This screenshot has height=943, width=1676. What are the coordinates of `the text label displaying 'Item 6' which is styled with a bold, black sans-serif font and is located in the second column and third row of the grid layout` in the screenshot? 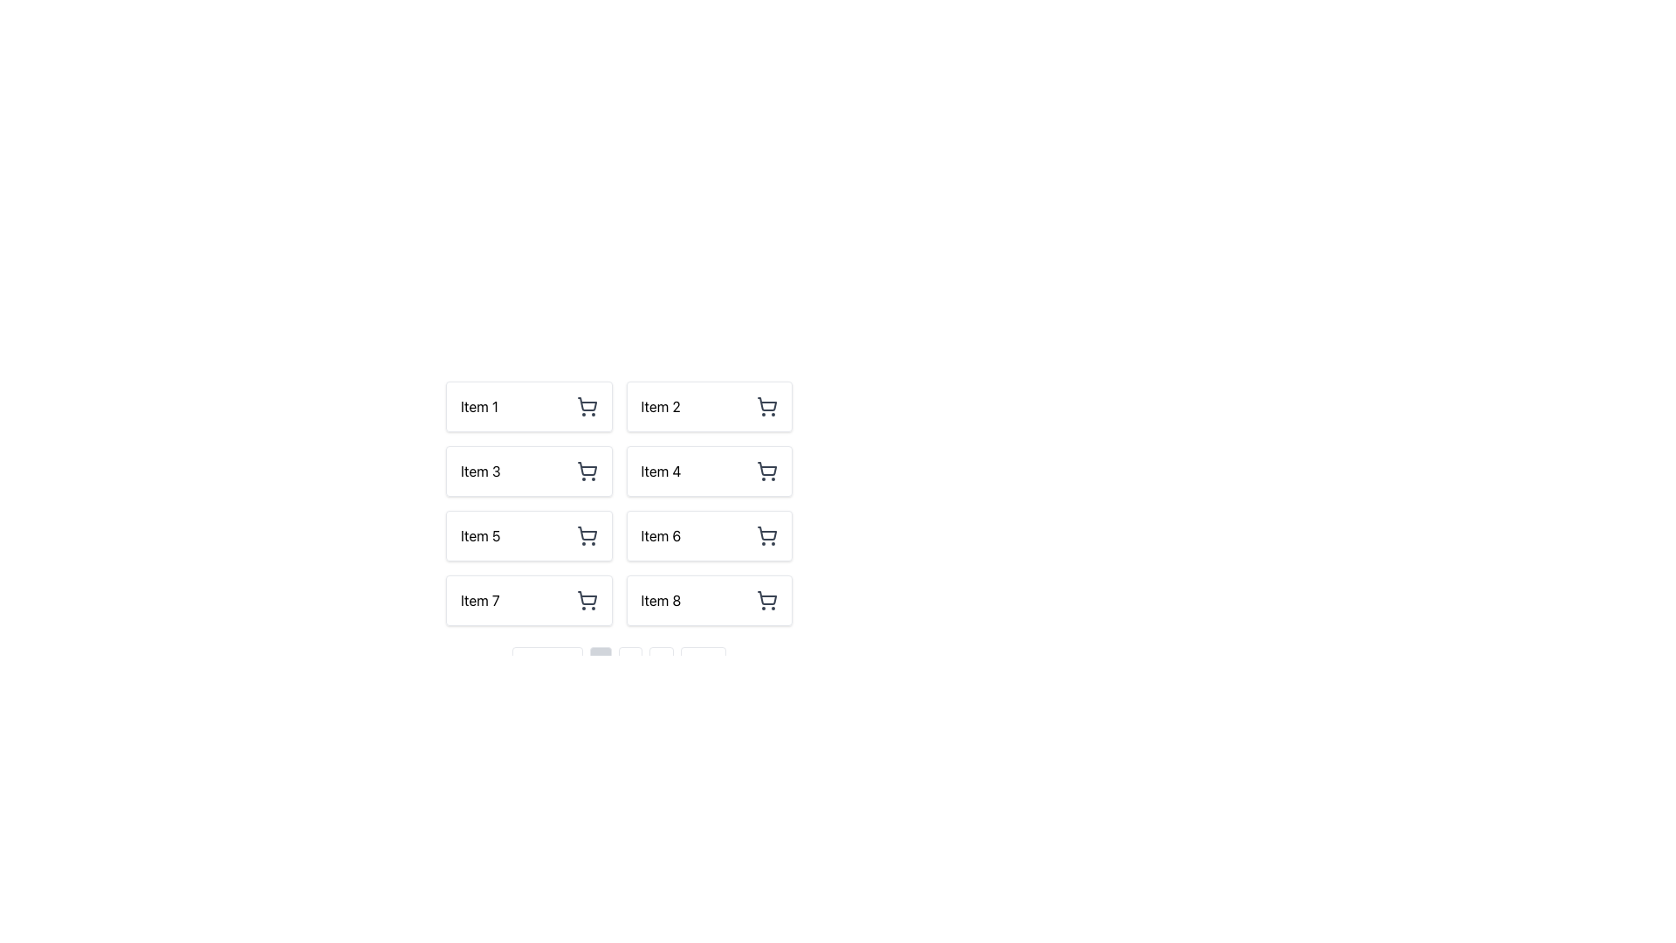 It's located at (660, 534).